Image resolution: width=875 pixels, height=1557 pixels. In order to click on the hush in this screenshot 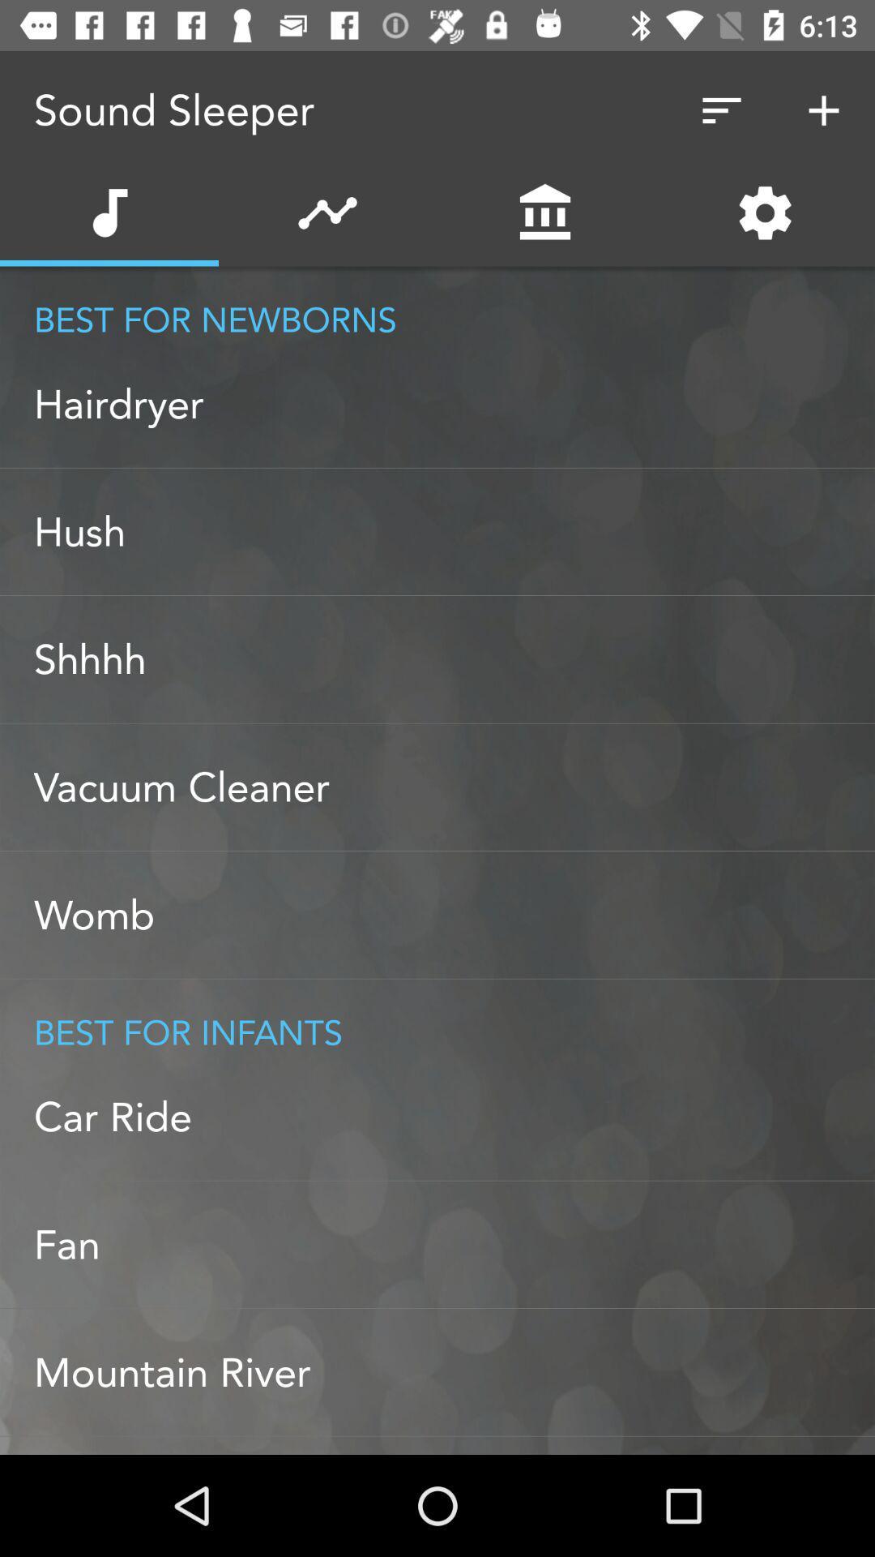, I will do `click(454, 532)`.